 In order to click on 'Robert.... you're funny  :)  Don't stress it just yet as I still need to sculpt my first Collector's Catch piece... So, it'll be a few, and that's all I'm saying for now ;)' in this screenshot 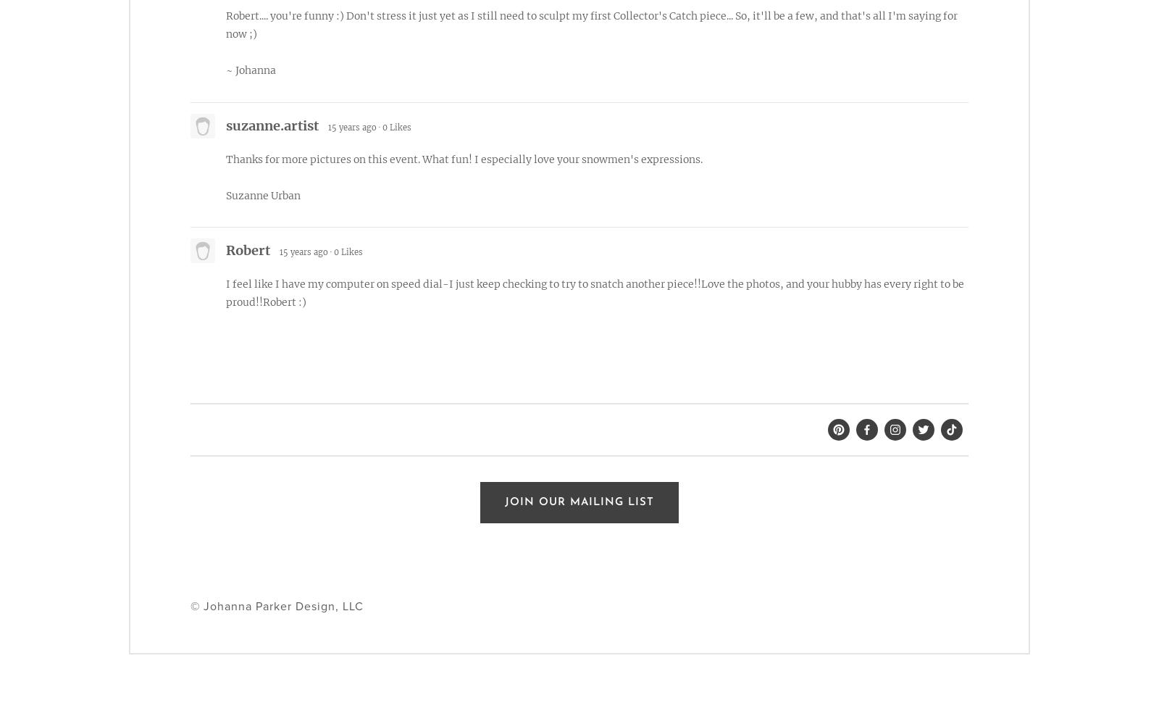, I will do `click(226, 24)`.